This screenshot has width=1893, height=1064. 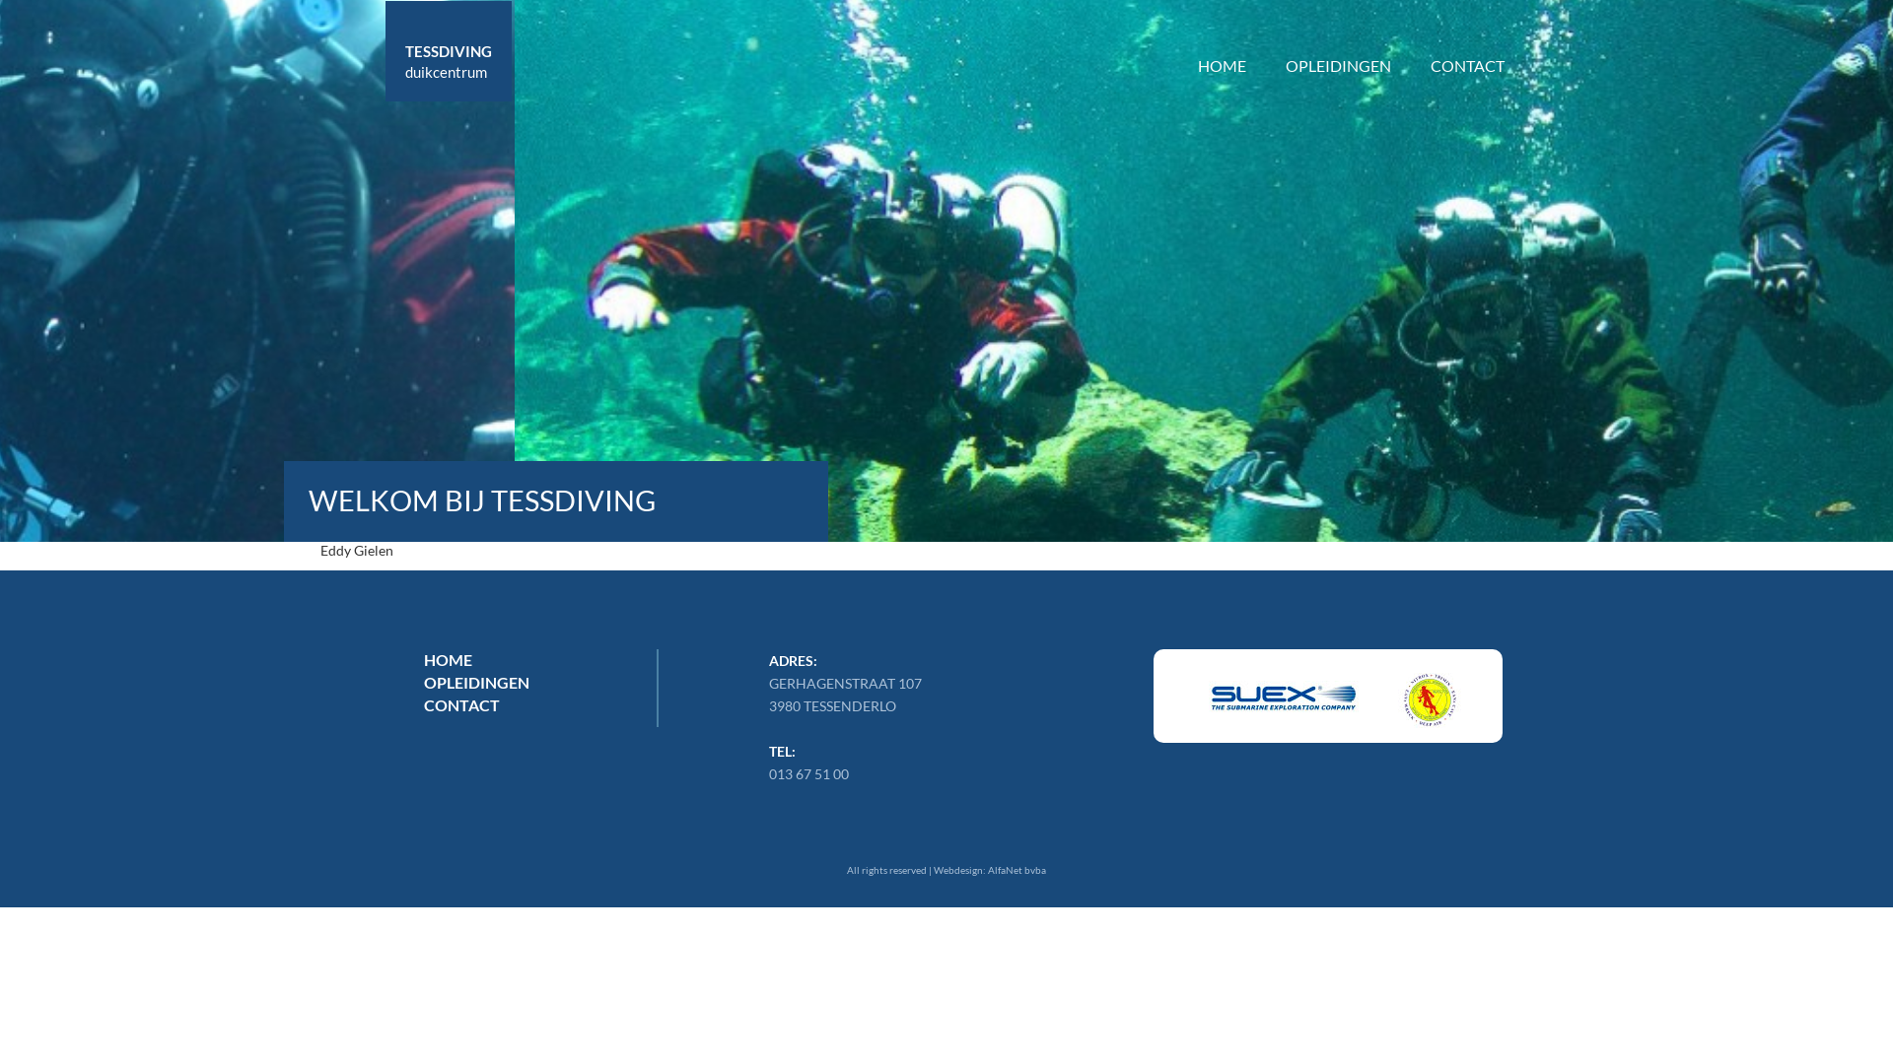 What do you see at coordinates (1338, 37) in the screenshot?
I see `'OPLEIDINGEN'` at bounding box center [1338, 37].